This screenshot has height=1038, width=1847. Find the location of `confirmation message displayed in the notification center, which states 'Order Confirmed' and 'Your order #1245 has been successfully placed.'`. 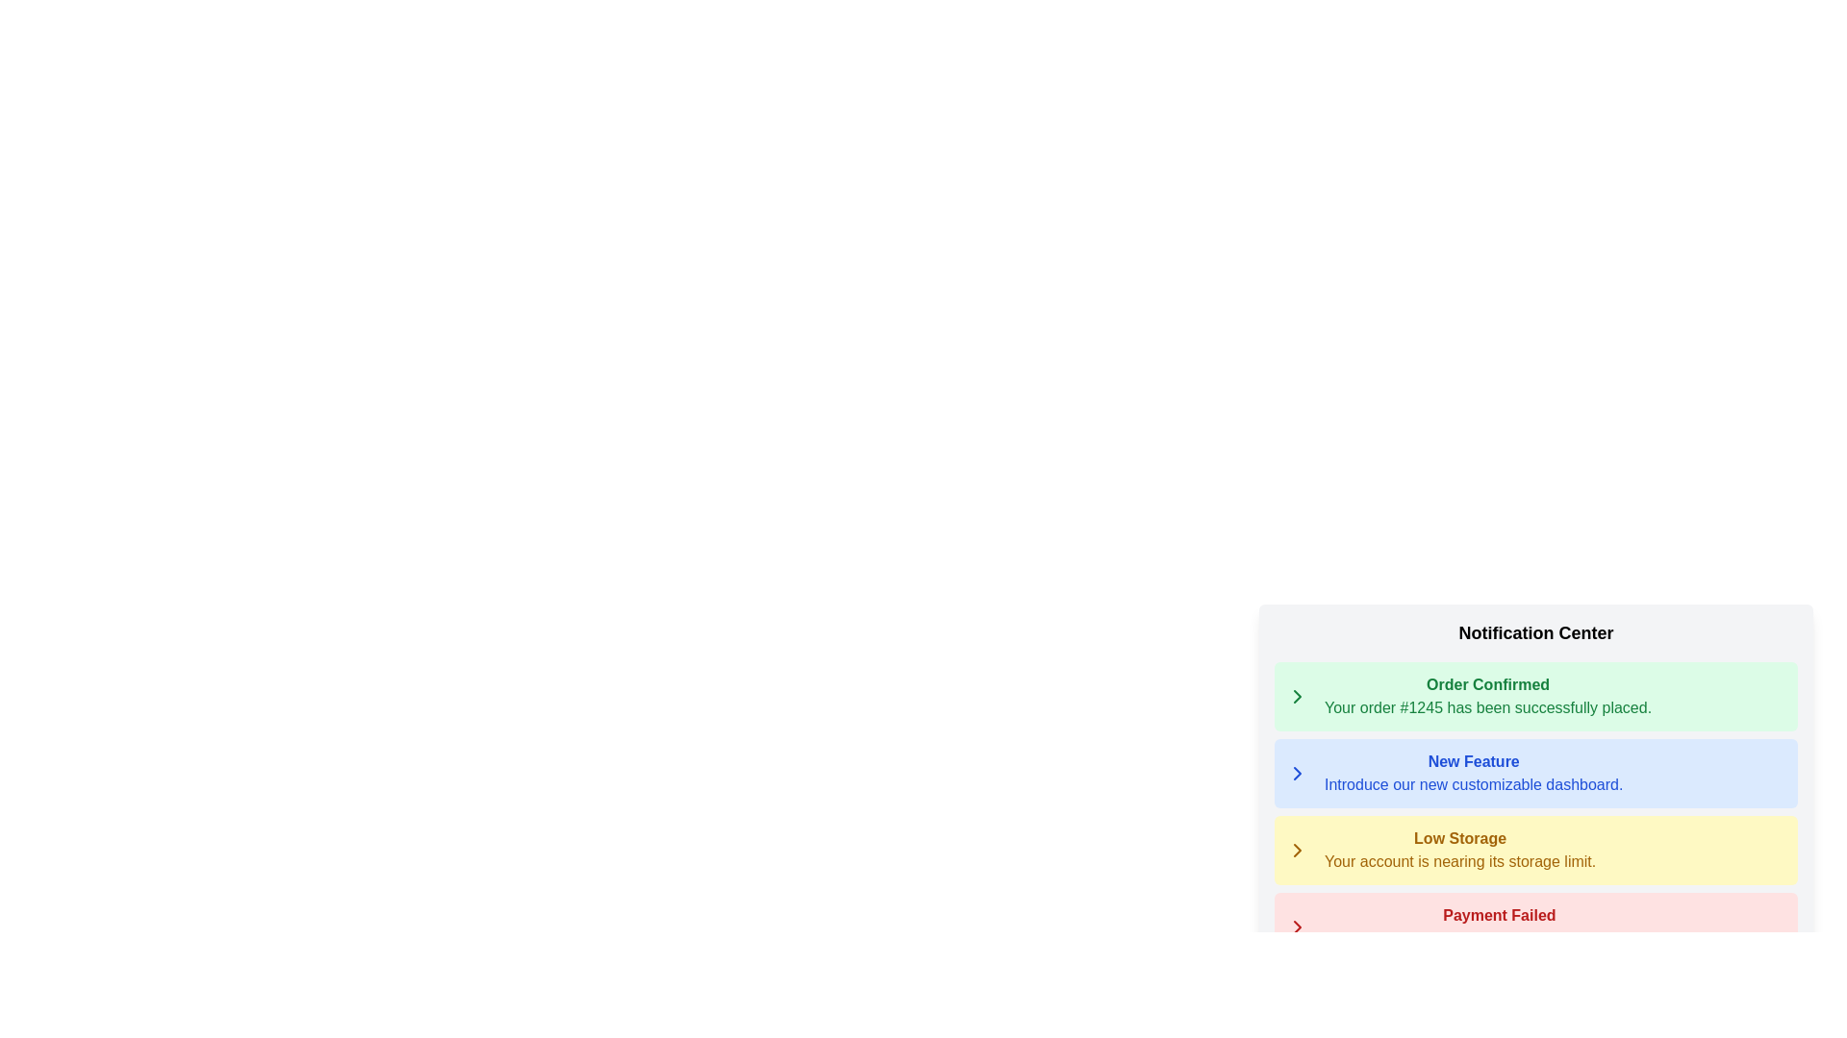

confirmation message displayed in the notification center, which states 'Order Confirmed' and 'Your order #1245 has been successfully placed.' is located at coordinates (1486, 697).